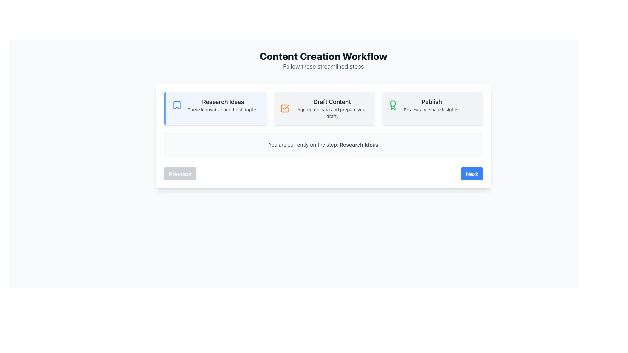  I want to click on the 'Publish' card element, which is the last of three horizontally aligned cards in the 'Content Creation Workflow' section, to proceed to the 'Publish' workflow stage, so click(433, 108).